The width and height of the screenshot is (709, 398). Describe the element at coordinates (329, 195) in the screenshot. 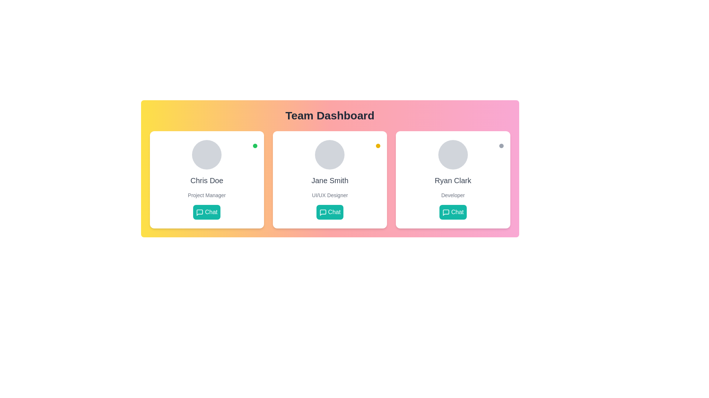

I see `text label indicating the job title 'UI/UX Designer' located in the second card from the left, directly below the name 'Jane Smith'` at that location.